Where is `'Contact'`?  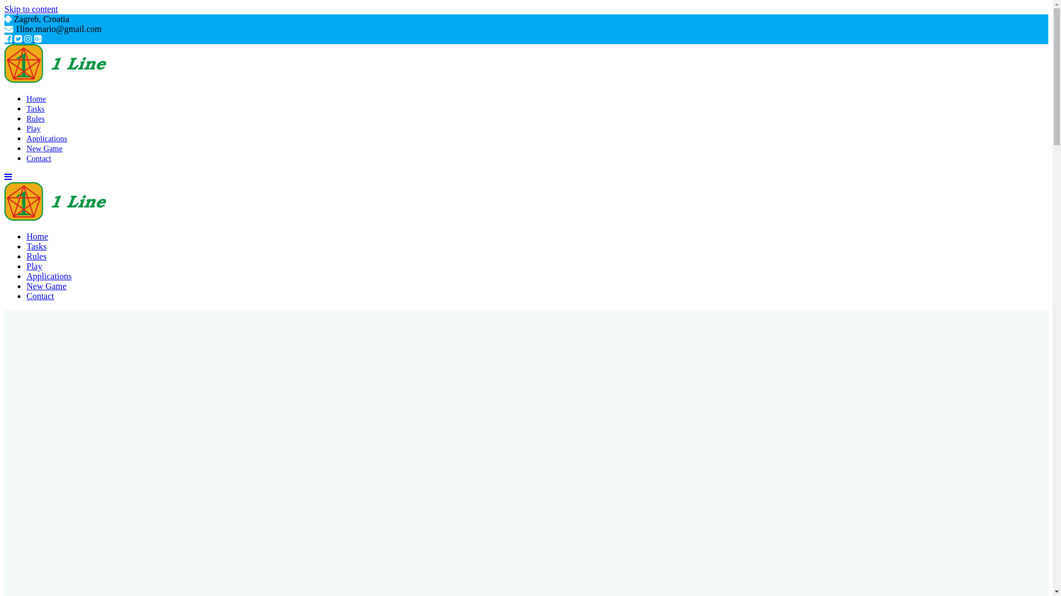 'Contact' is located at coordinates (39, 158).